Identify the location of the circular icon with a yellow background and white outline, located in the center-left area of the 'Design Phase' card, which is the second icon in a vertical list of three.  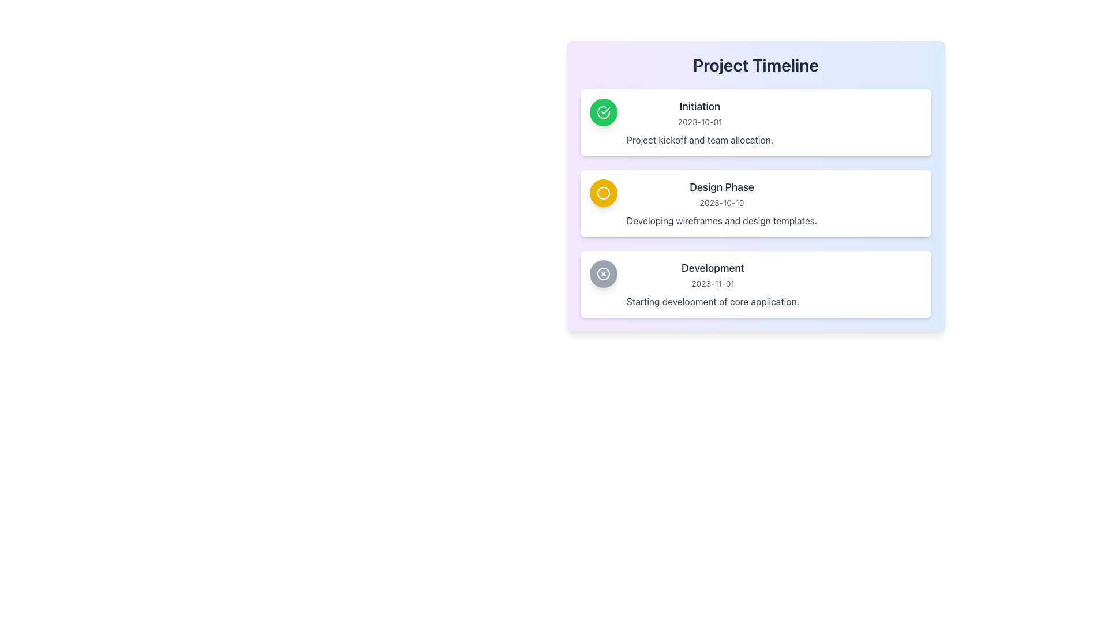
(603, 193).